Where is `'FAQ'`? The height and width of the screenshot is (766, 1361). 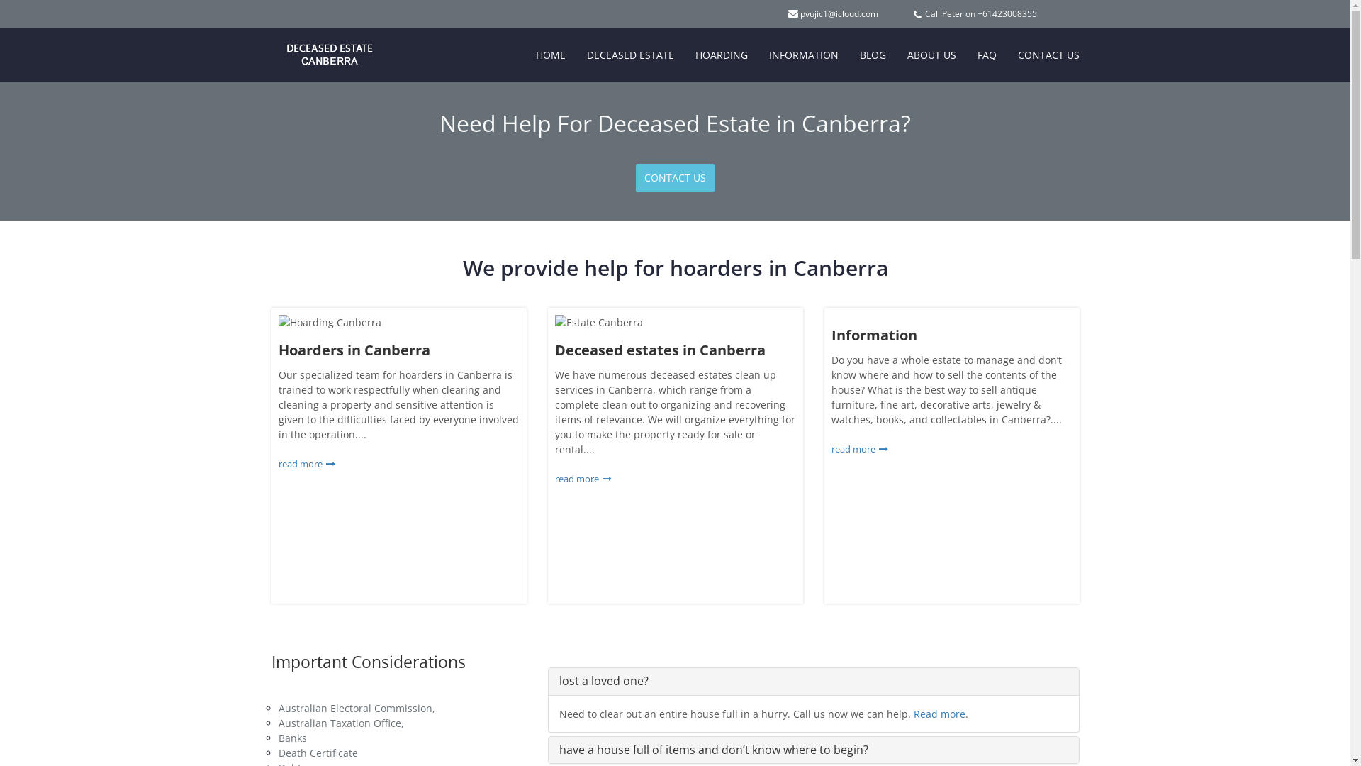
'FAQ' is located at coordinates (986, 54).